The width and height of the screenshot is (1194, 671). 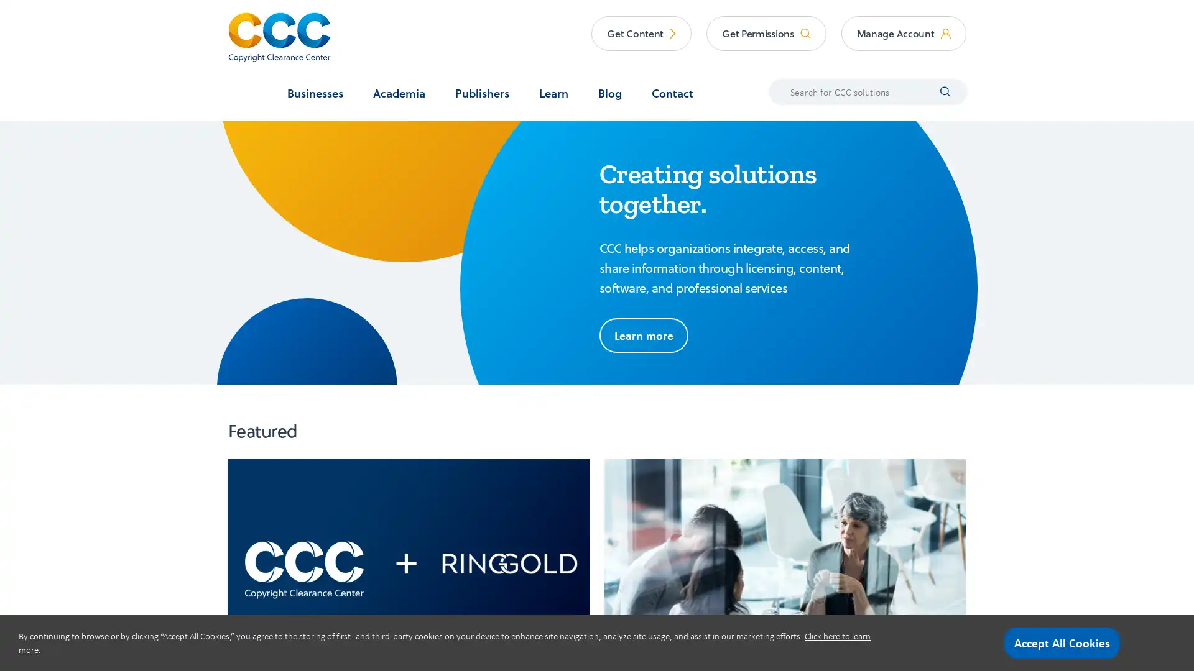 I want to click on Search, so click(x=937, y=90).